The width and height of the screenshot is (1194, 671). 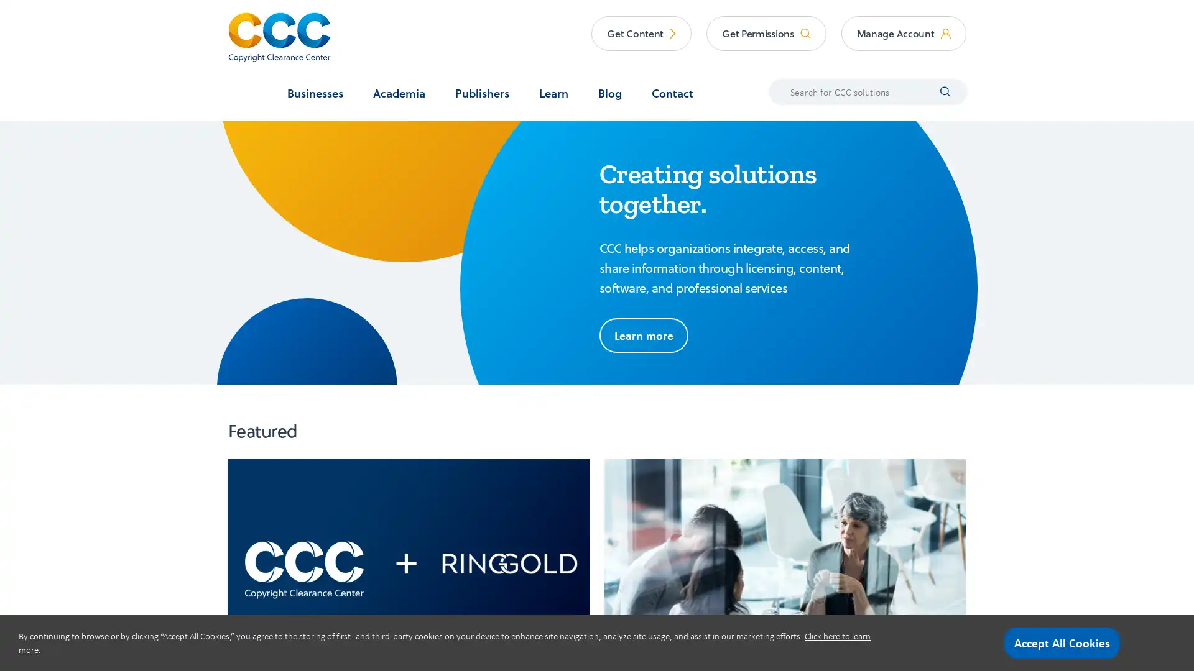 I want to click on Search, so click(x=937, y=90).